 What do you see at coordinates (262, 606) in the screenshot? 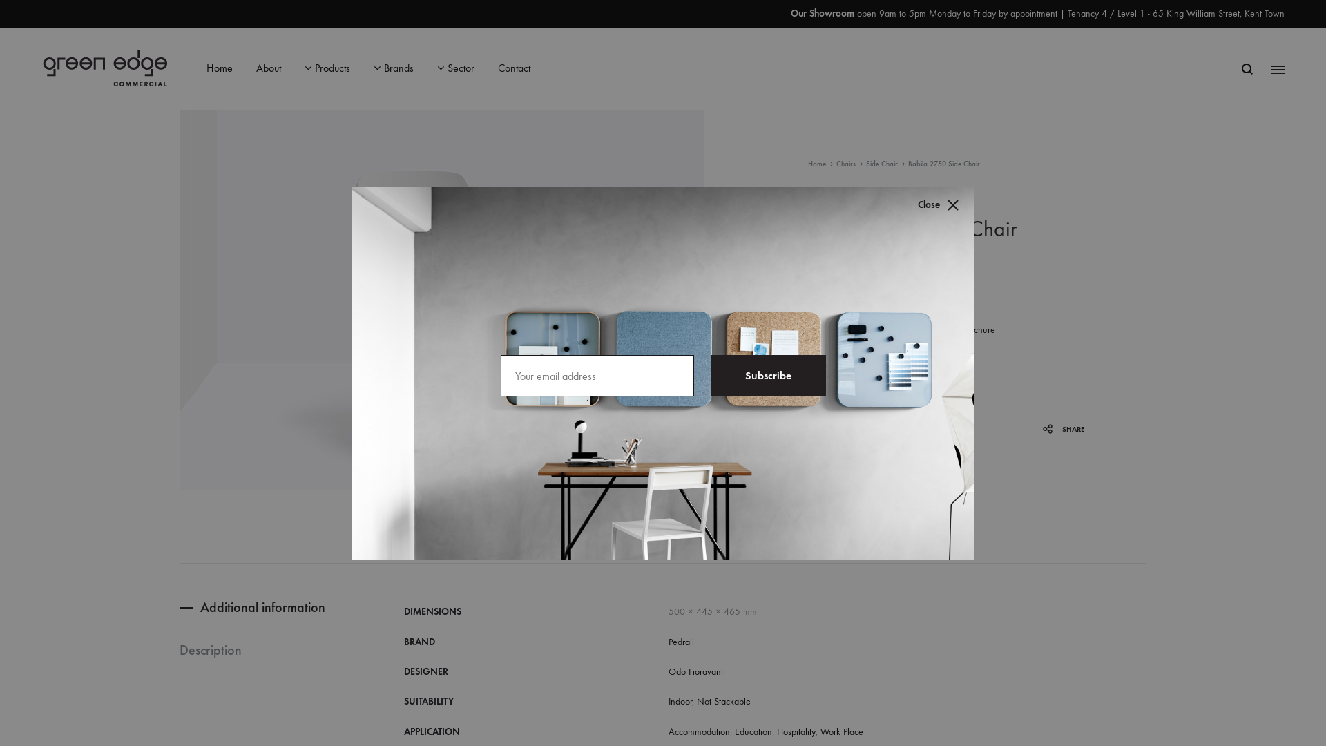
I see `'Additional information'` at bounding box center [262, 606].